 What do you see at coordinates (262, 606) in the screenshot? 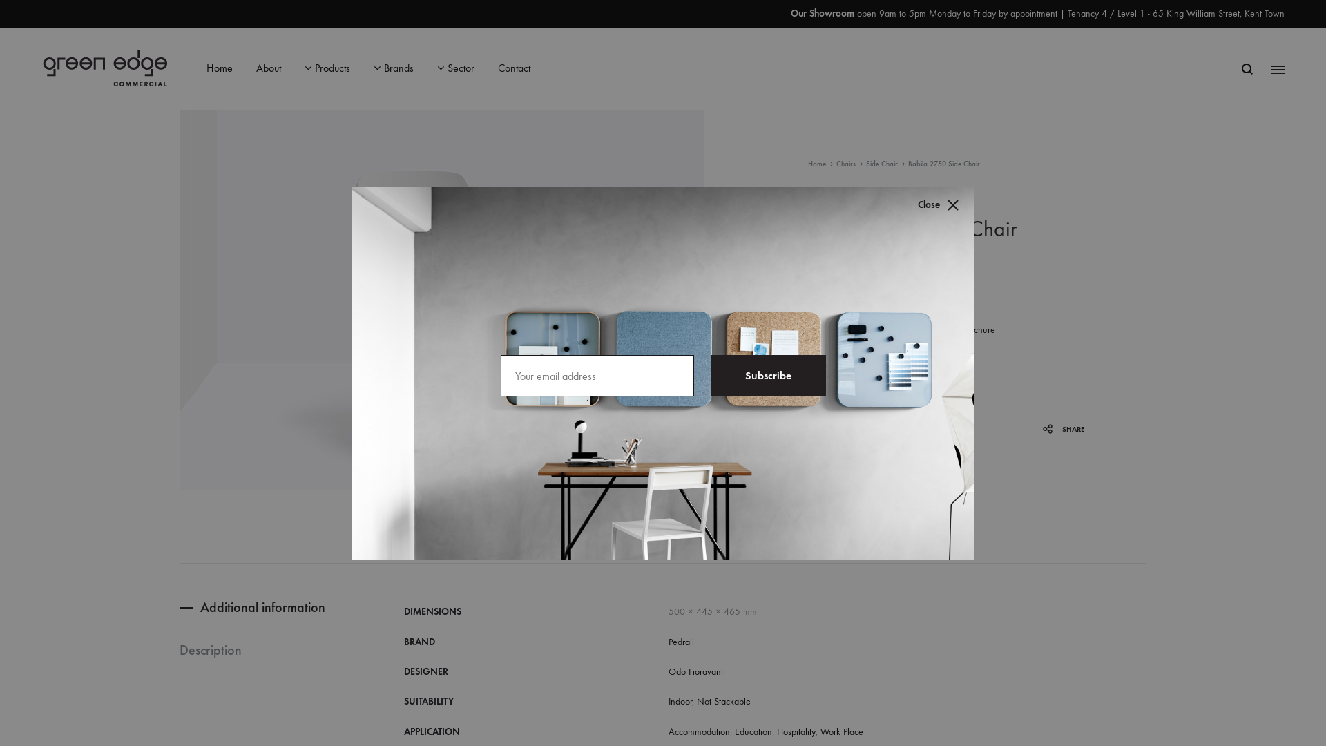
I see `'Additional information'` at bounding box center [262, 606].